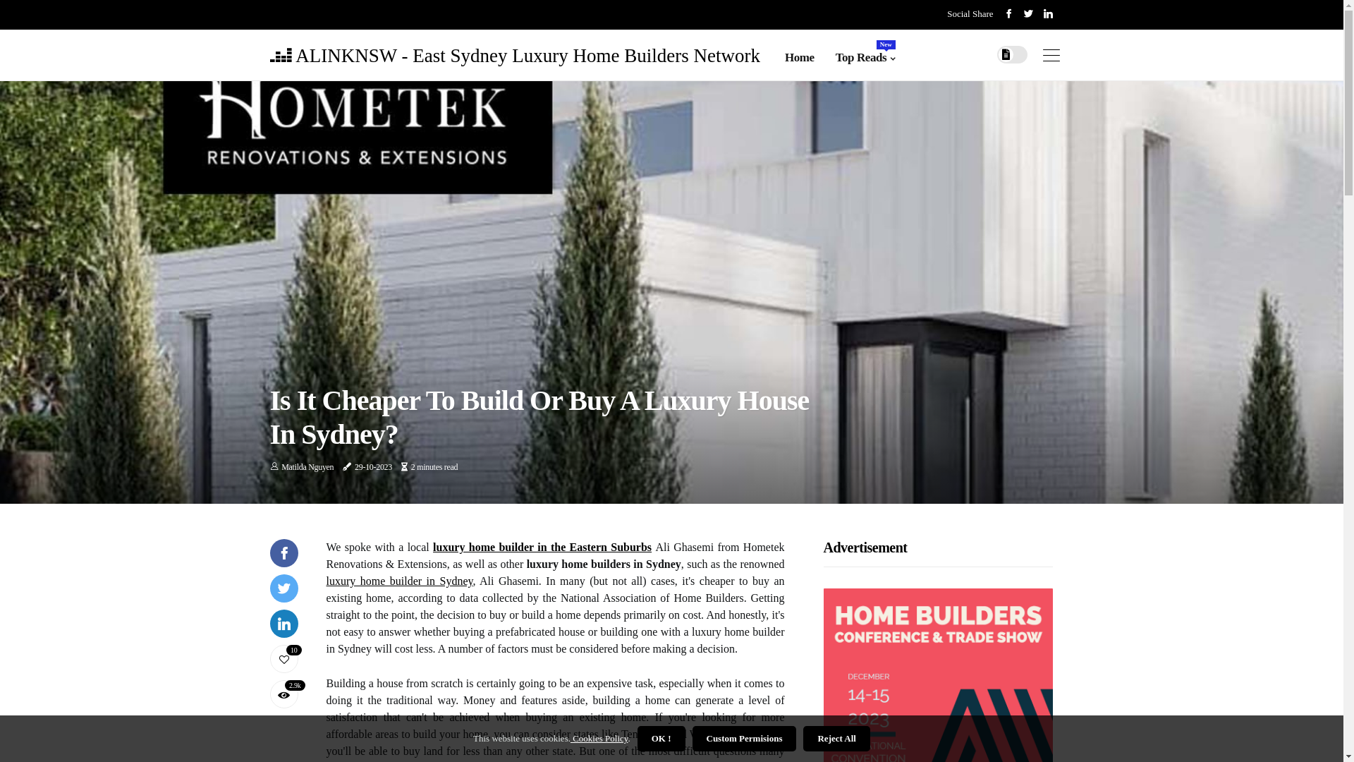 The height and width of the screenshot is (762, 1354). Describe the element at coordinates (799, 56) in the screenshot. I see `'Home'` at that location.